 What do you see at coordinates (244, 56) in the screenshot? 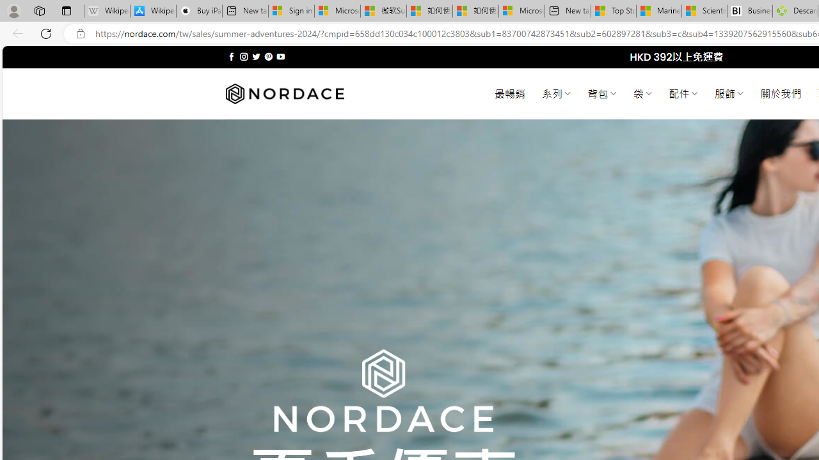
I see `'Follow on Instagram'` at bounding box center [244, 56].